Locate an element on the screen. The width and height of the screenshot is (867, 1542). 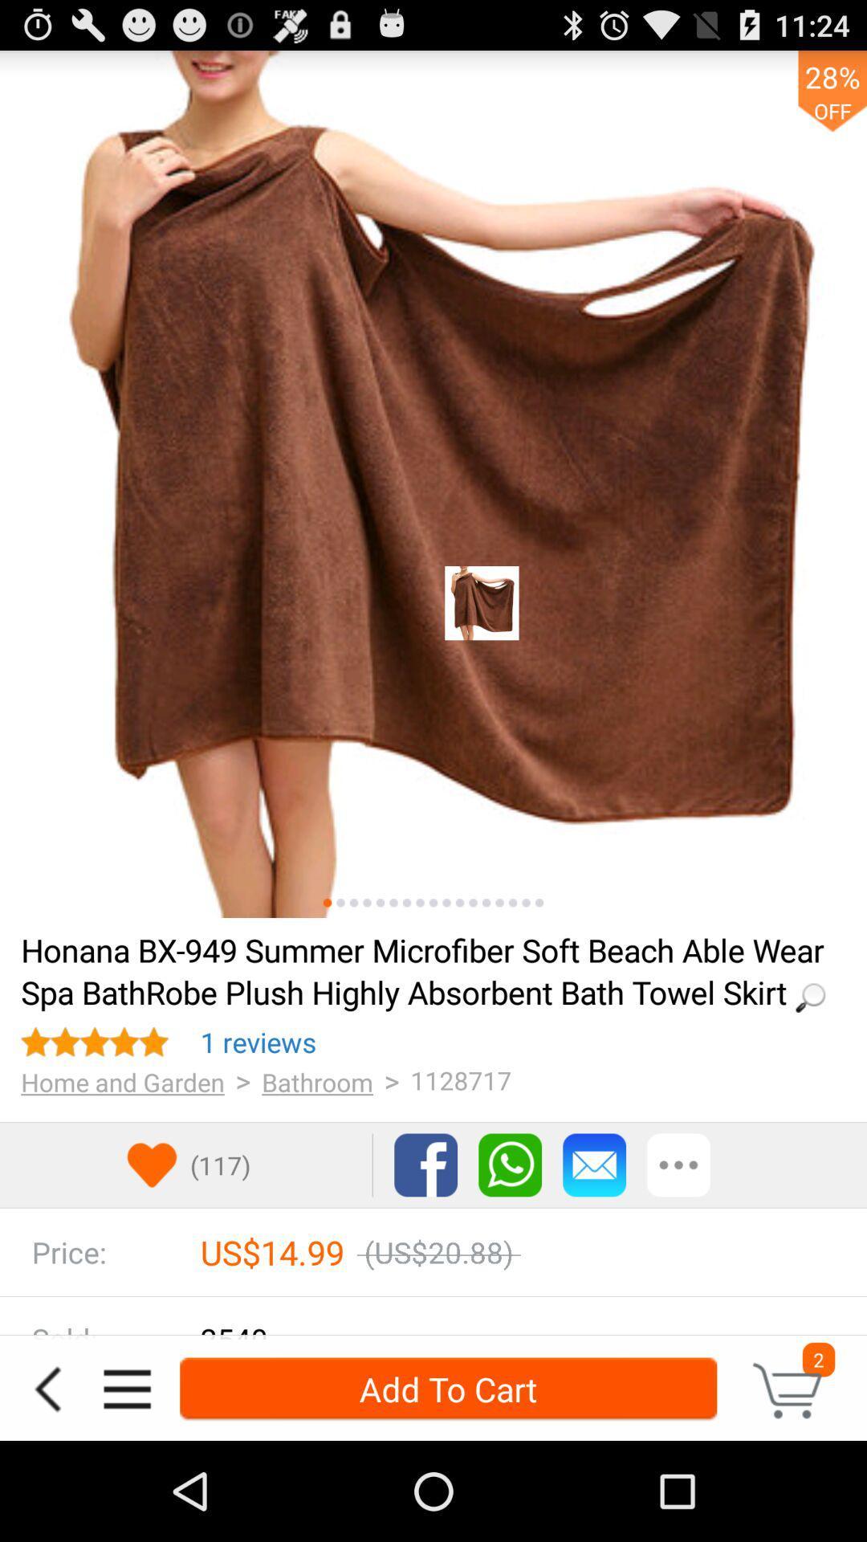
menu is located at coordinates (126, 1388).